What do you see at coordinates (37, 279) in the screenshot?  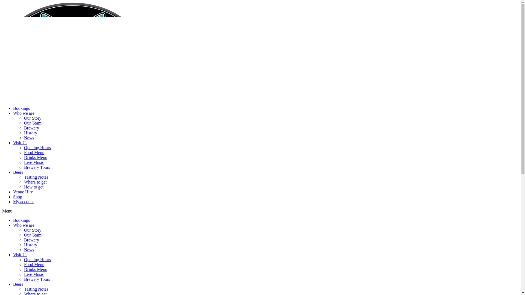 I see `'Brewery Tours'` at bounding box center [37, 279].